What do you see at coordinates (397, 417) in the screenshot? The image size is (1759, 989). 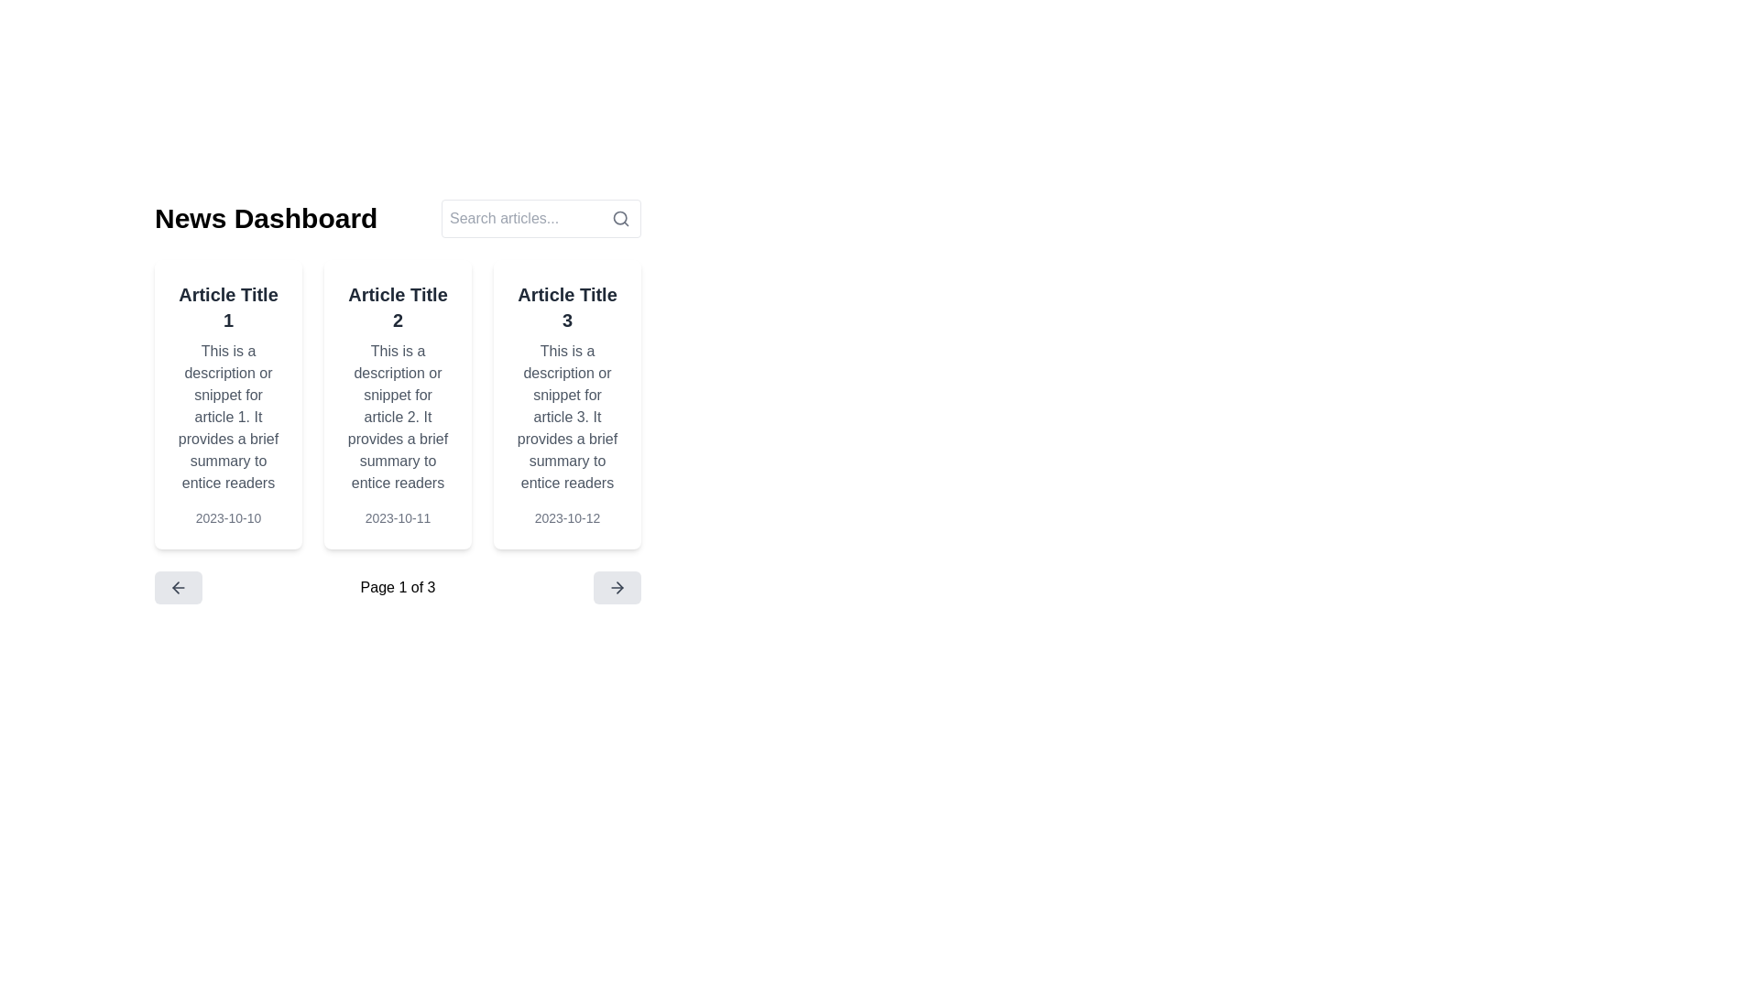 I see `the informational text block located in the second column below 'Article Title 2' and above the date '2023-10-11'` at bounding box center [397, 417].